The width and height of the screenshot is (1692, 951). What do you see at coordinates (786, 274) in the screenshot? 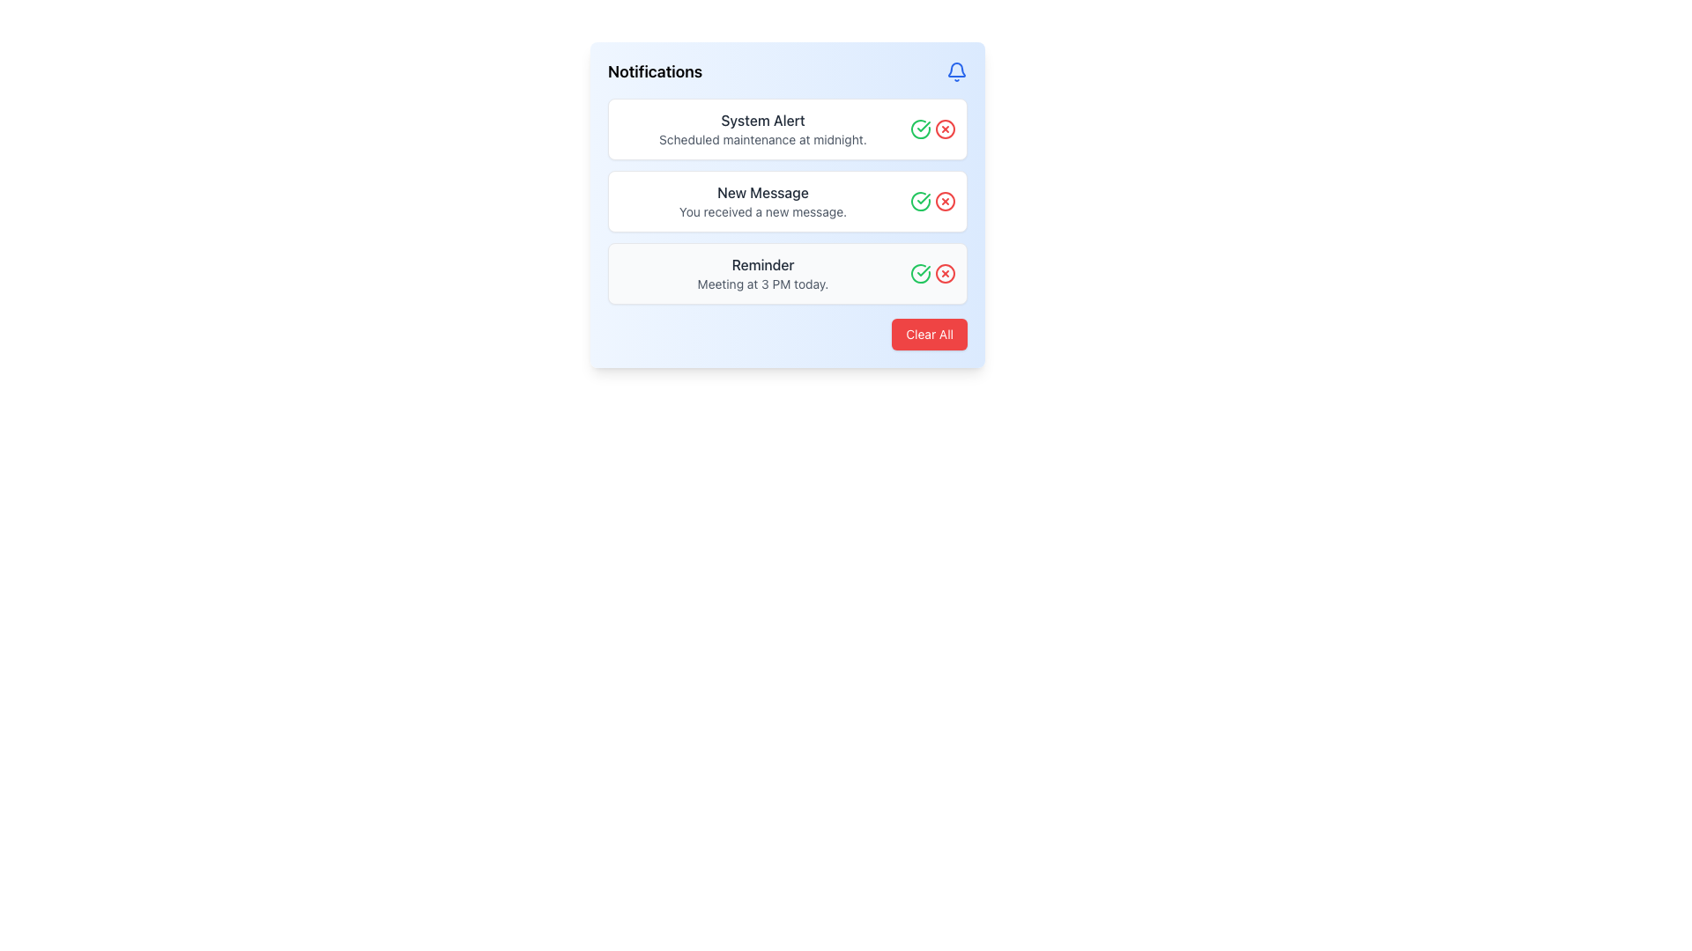
I see `the third notification card in the main notification panel` at bounding box center [786, 274].